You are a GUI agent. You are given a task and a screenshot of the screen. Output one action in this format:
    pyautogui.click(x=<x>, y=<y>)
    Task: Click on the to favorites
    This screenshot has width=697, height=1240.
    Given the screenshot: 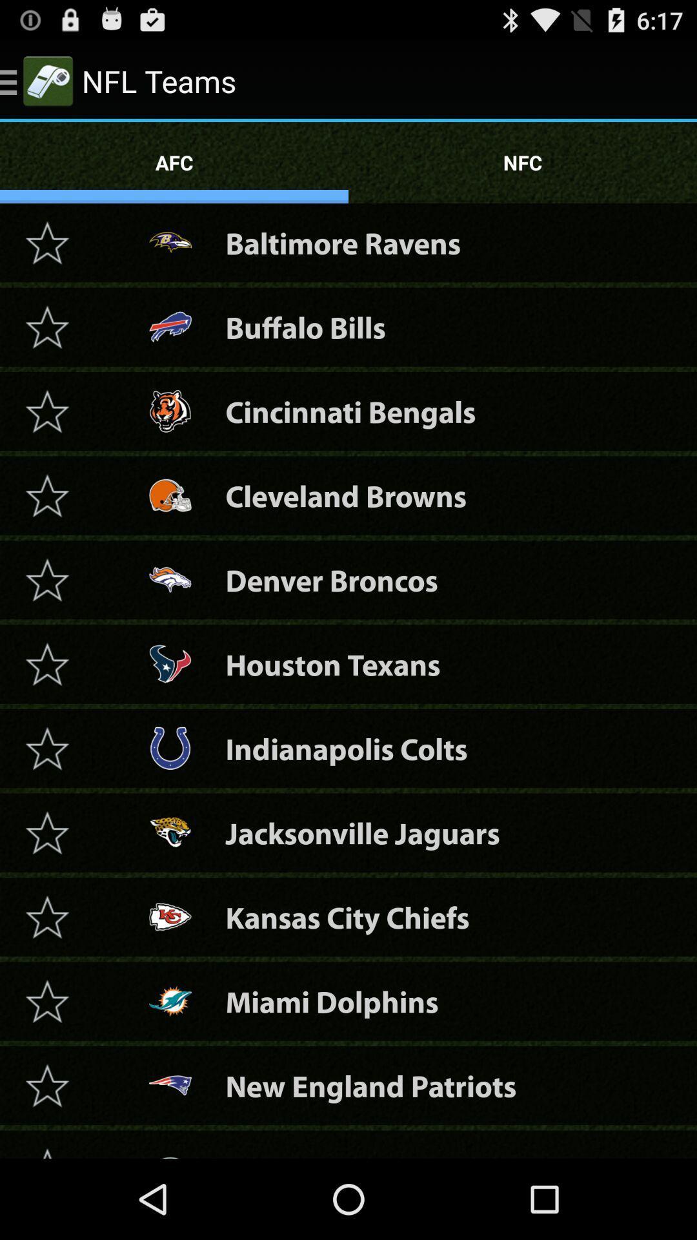 What is the action you would take?
    pyautogui.click(x=46, y=495)
    